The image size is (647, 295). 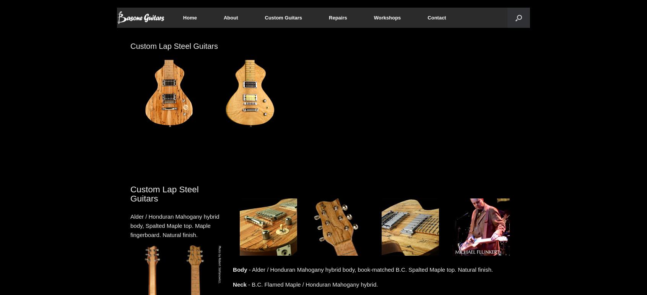 What do you see at coordinates (189, 17) in the screenshot?
I see `'Home'` at bounding box center [189, 17].